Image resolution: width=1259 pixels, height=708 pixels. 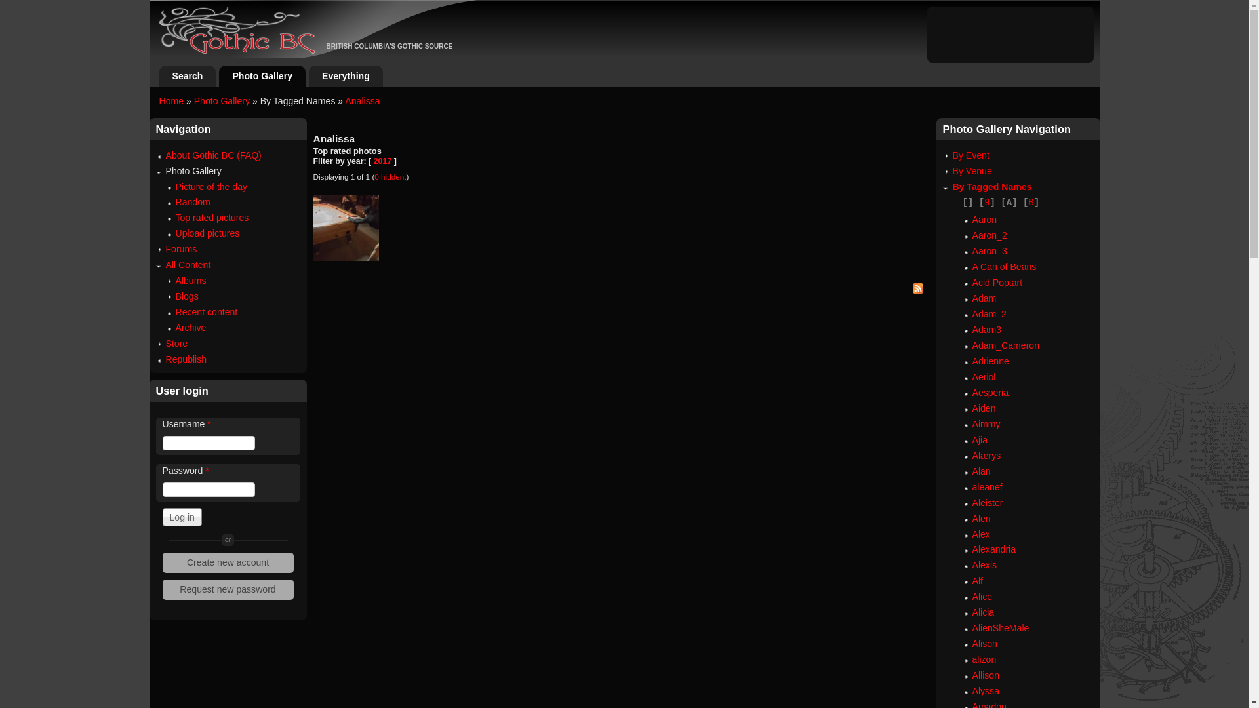 I want to click on 'OYAKXX', so click(x=346, y=227).